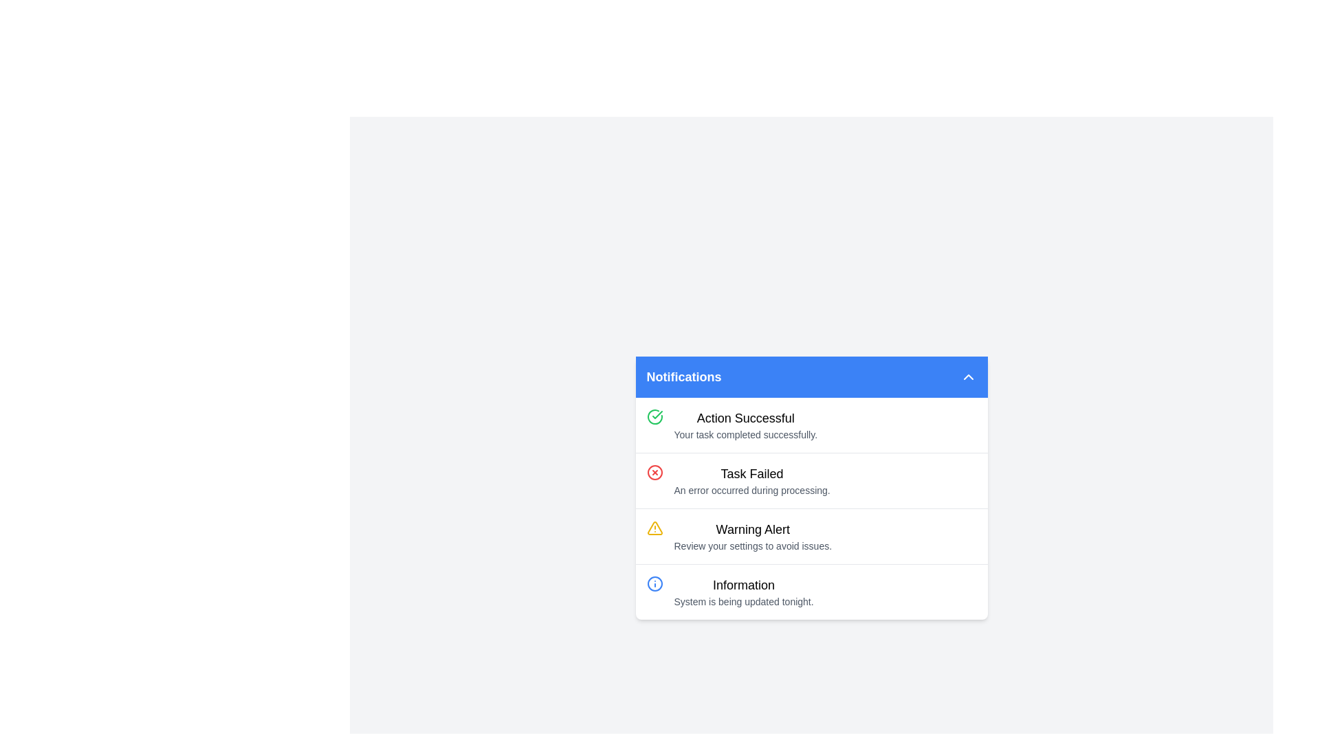 This screenshot has height=742, width=1320. I want to click on the text label that contains the message 'Review your settings to avoid issues.' which is styled in gray and located within the 'Warning Alert' notification box, so click(752, 545).